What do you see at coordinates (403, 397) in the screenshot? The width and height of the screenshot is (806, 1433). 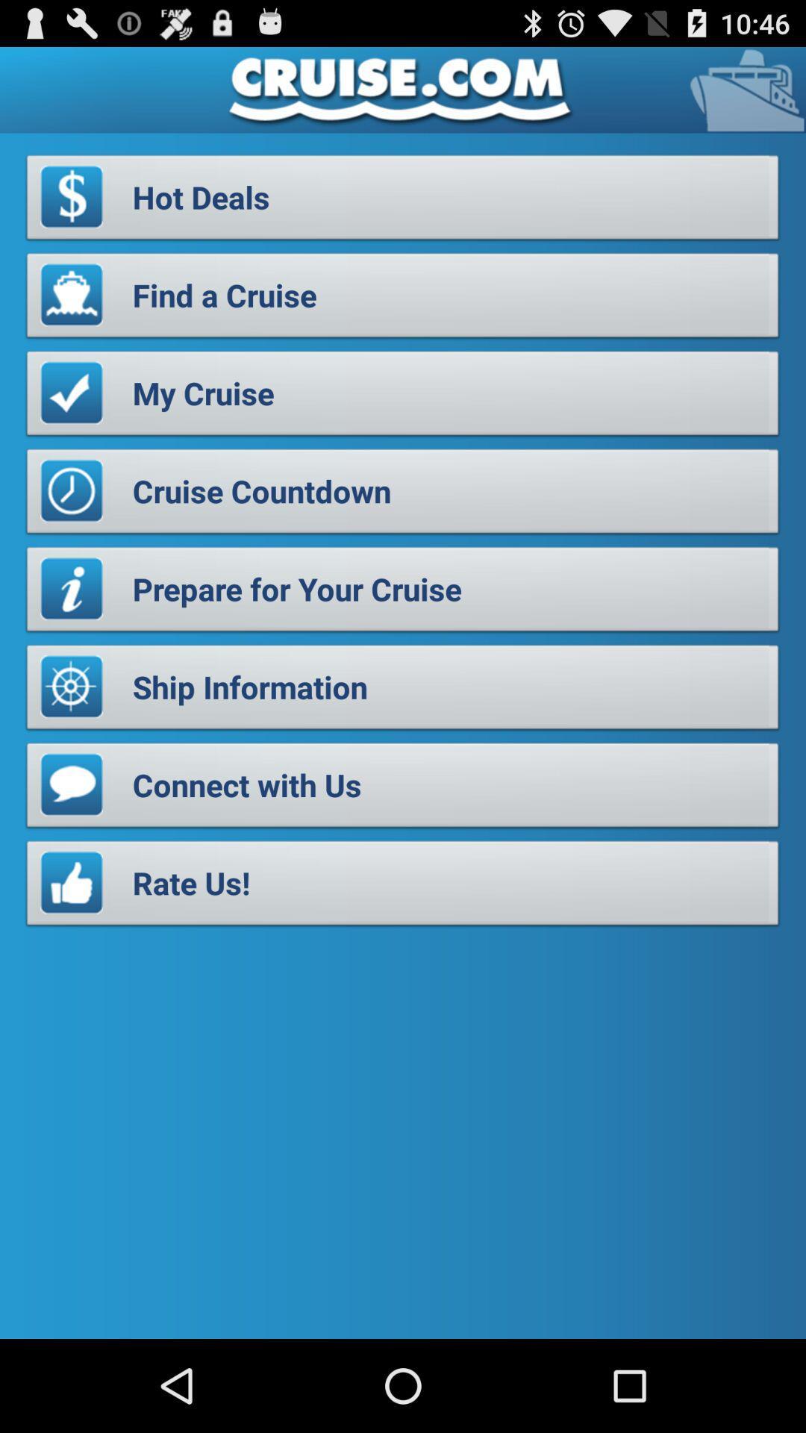 I see `my cruise button` at bounding box center [403, 397].